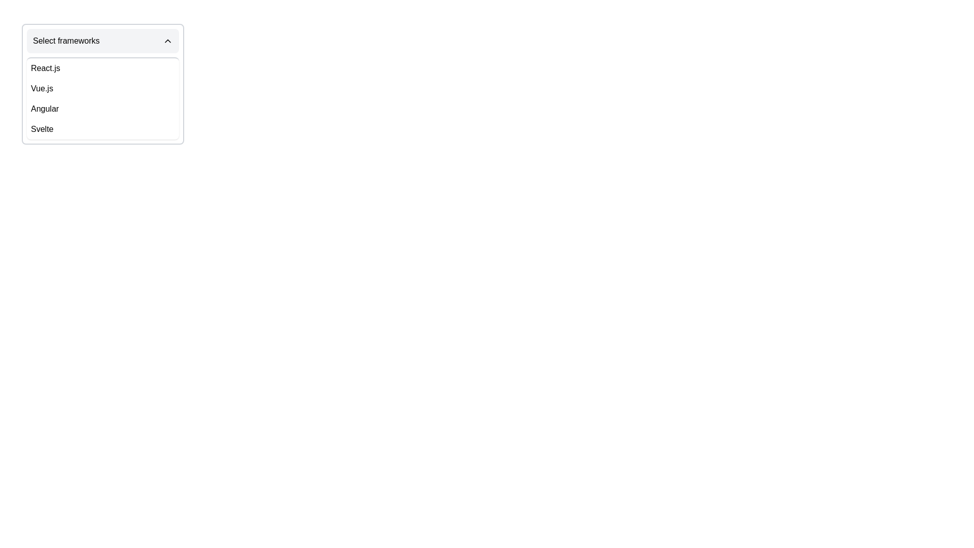  I want to click on the fourth item in the dropdown menu labeled 'Svelte', so click(102, 128).